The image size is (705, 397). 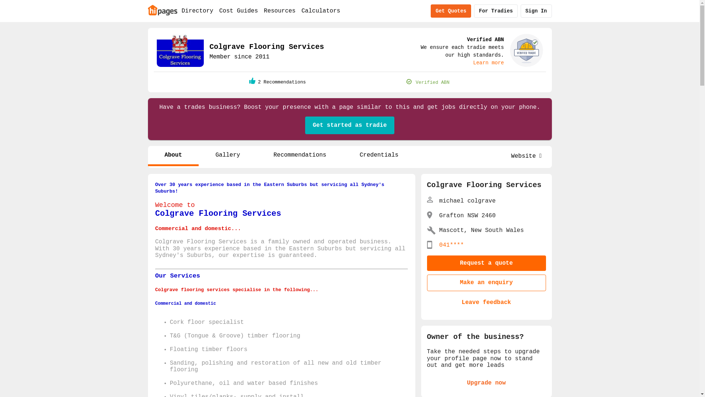 I want to click on 'Leave feedback', so click(x=426, y=302).